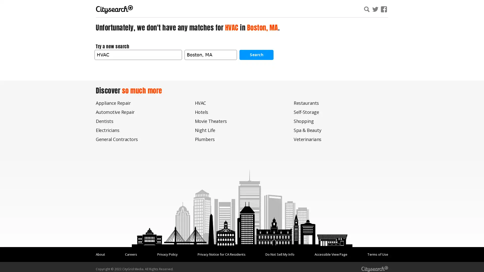  Describe the element at coordinates (256, 54) in the screenshot. I see `Search` at that location.